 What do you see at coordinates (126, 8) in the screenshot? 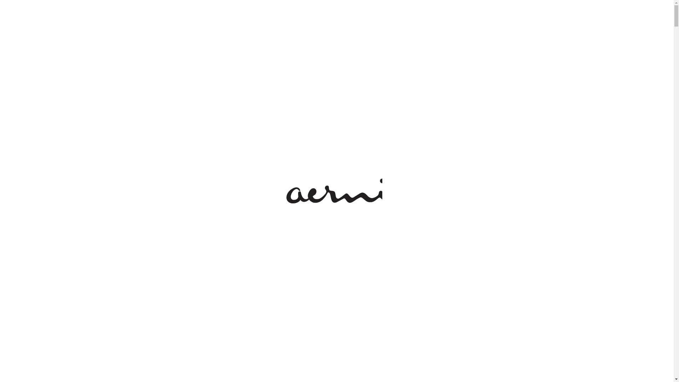
I see `'SALON STORIES'` at bounding box center [126, 8].